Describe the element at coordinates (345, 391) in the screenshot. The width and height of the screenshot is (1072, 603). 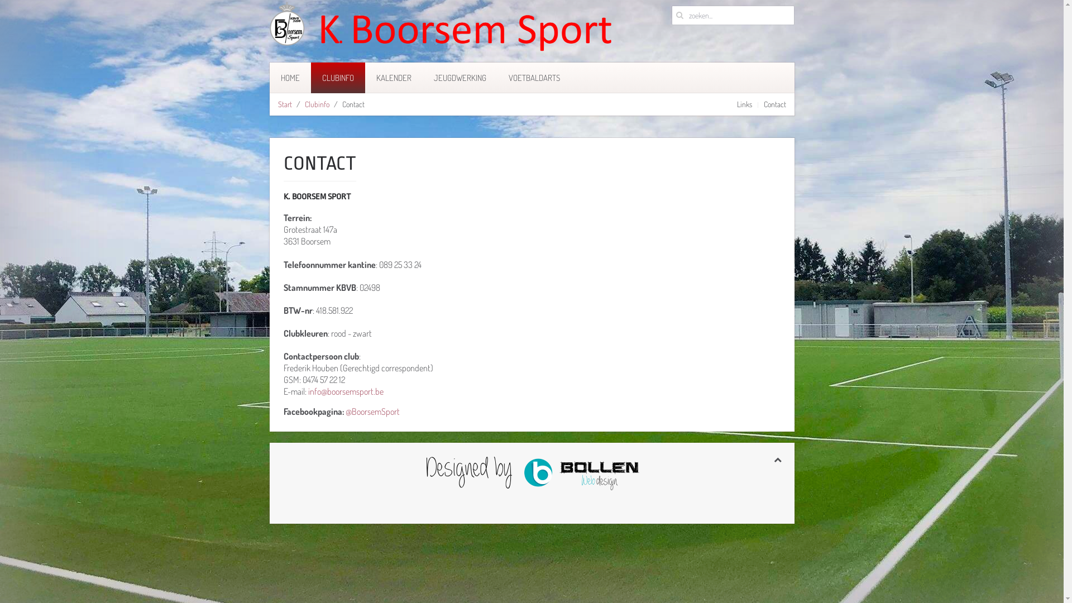
I see `'info@boorsemsport.be'` at that location.